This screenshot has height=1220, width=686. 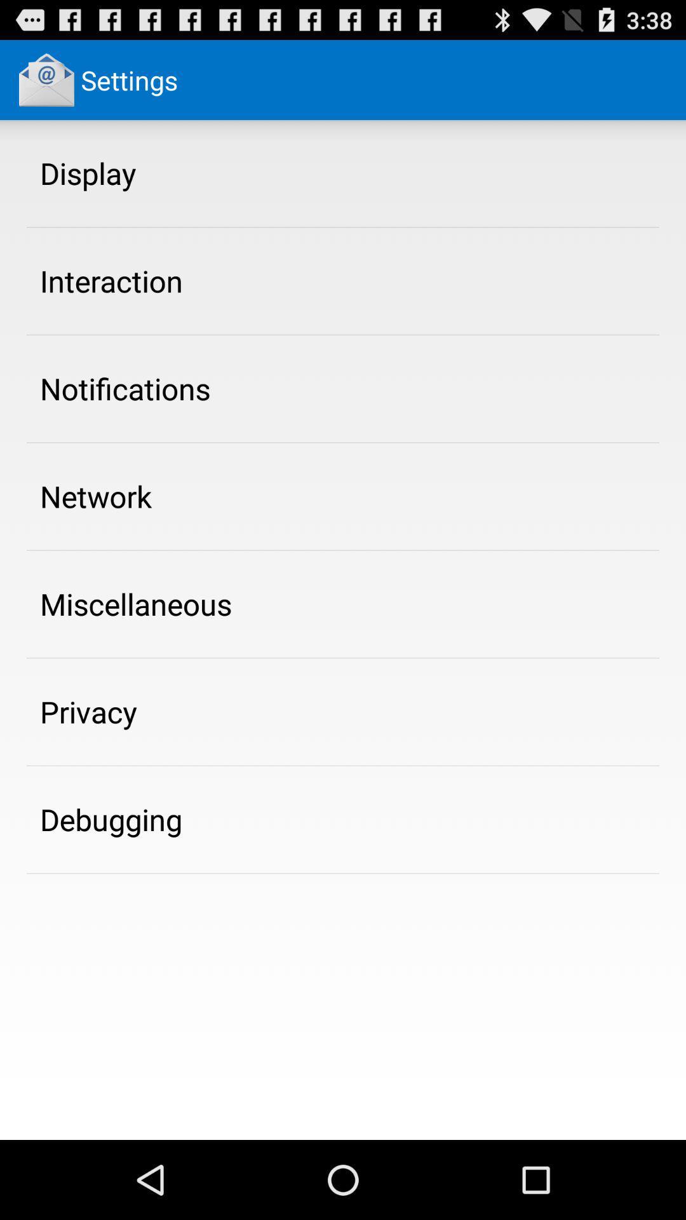 I want to click on the miscellaneous item, so click(x=136, y=603).